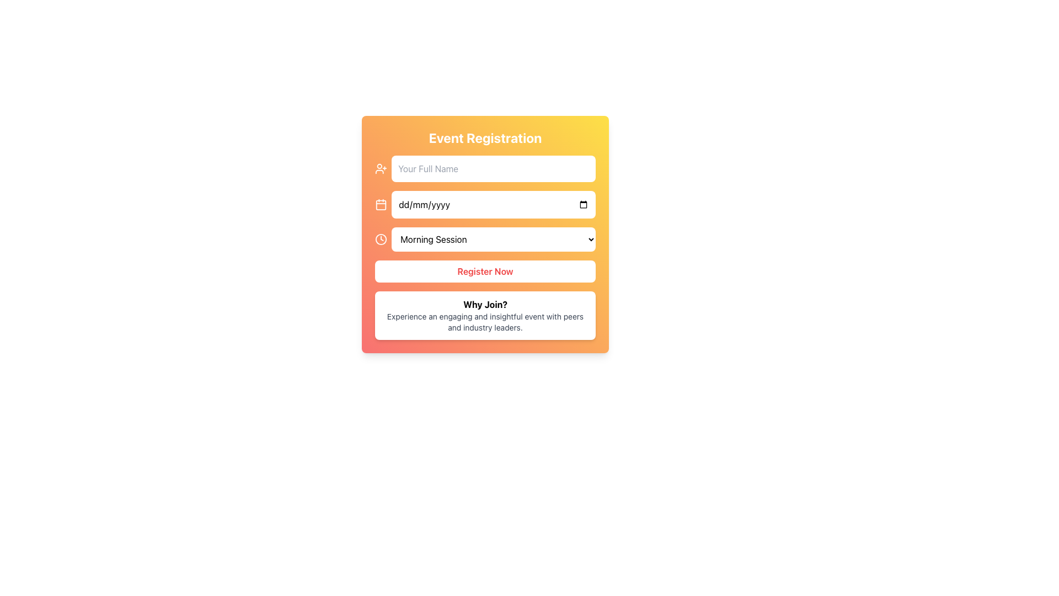  What do you see at coordinates (485, 304) in the screenshot?
I see `text of the Heading element displaying 'Why Join?' which is centered within the white rounded rectangle card element` at bounding box center [485, 304].